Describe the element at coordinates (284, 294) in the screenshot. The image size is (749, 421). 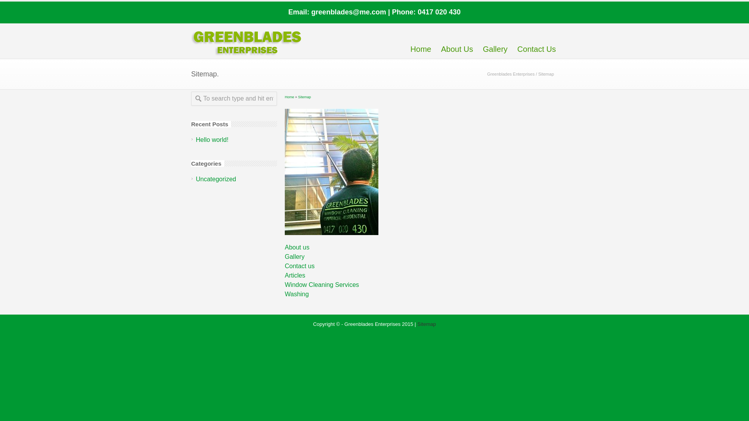
I see `'Washing'` at that location.